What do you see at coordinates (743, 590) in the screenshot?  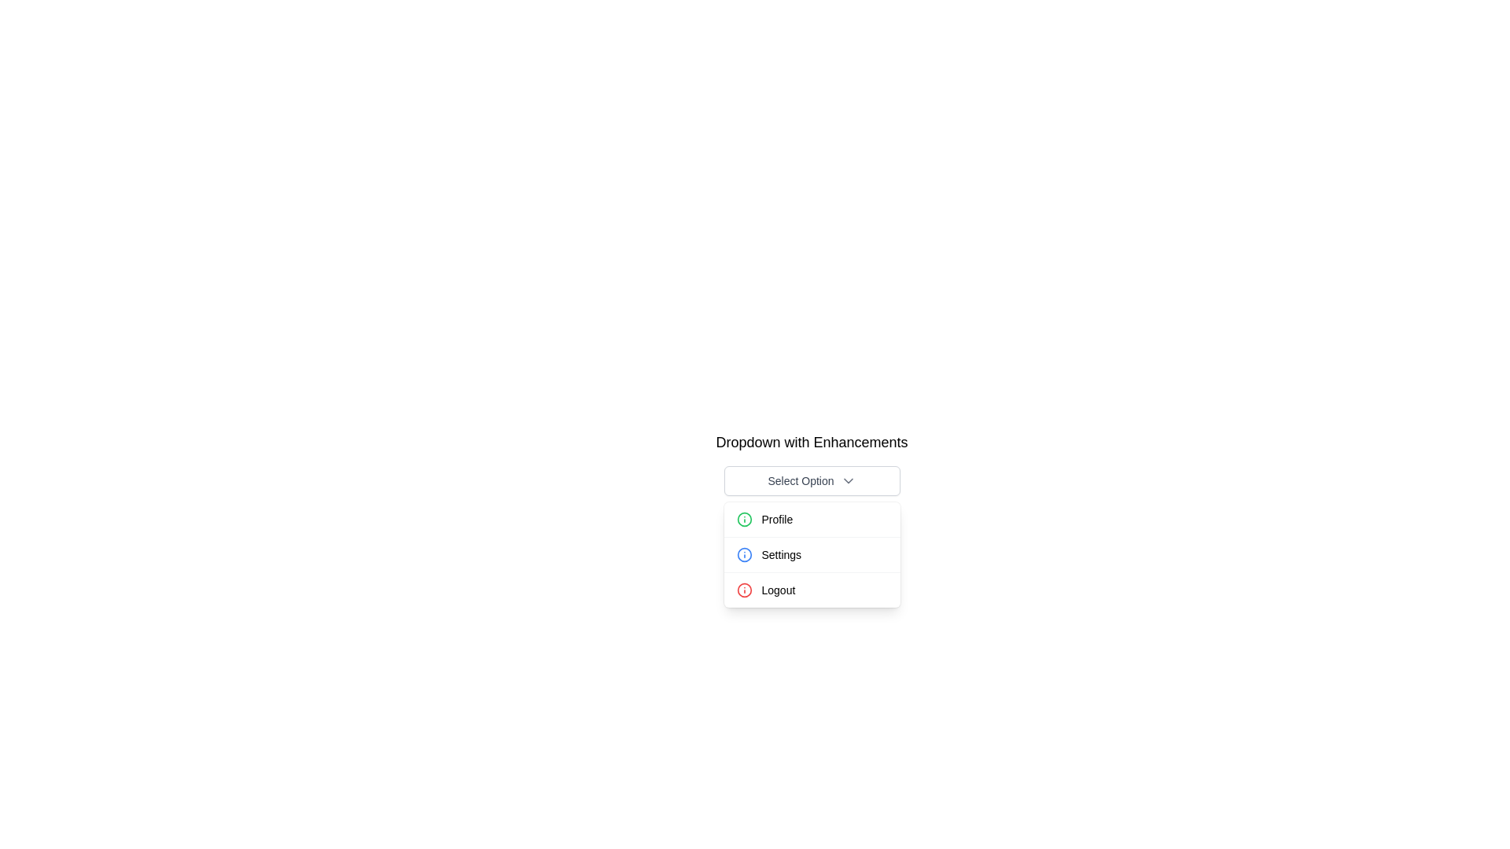 I see `the Vector Graphics Circle element representing the Logout option in the dropdown menu, which is visually aligned with the Logout text label` at bounding box center [743, 590].